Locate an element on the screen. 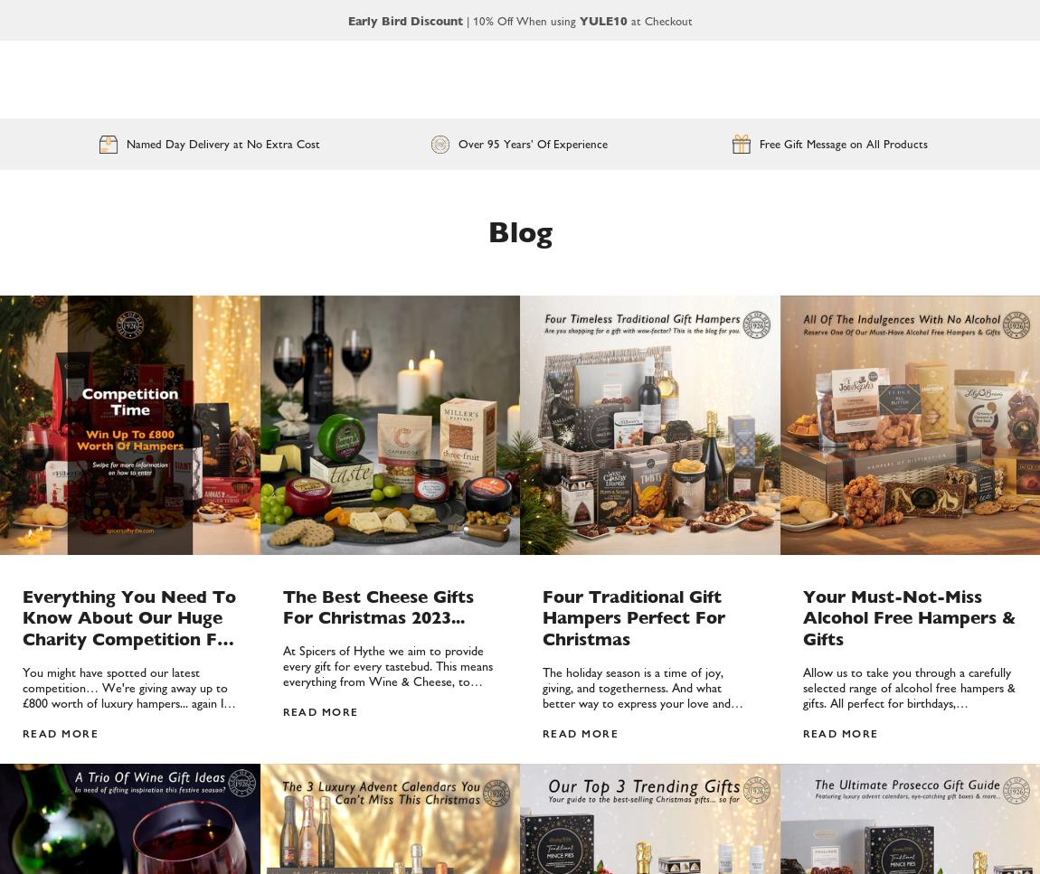  'Take a look at our letterbox gift range, the perfect small treat, whatever the occasion... In the fast-paced world we live in, finding the perfect gift can be challenging at...' is located at coordinates (541, 466).